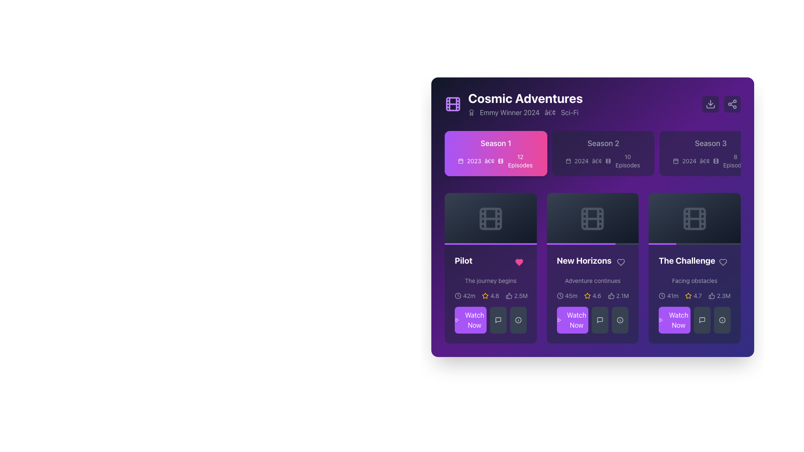 The height and width of the screenshot is (452, 804). Describe the element at coordinates (698, 295) in the screenshot. I see `the numeric display showing the rating for 'The Challenge', located to the right of the yellow star icon` at that location.